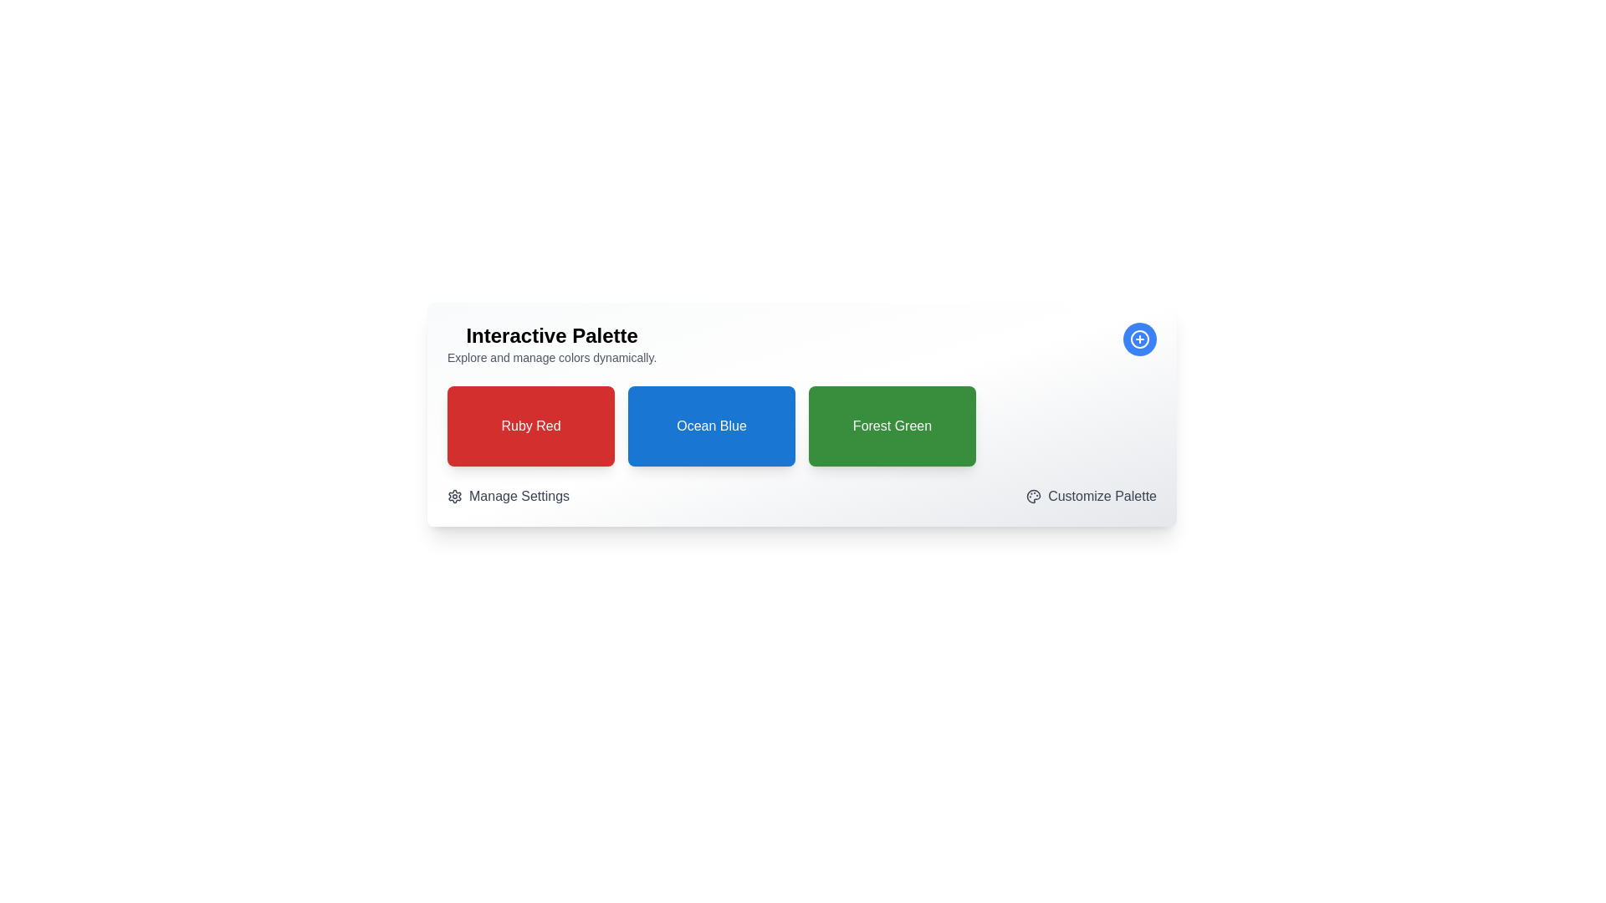 This screenshot has width=1606, height=903. Describe the element at coordinates (1139, 339) in the screenshot. I see `the action button located at the top-right corner of the 'Interactive Palette' section` at that location.